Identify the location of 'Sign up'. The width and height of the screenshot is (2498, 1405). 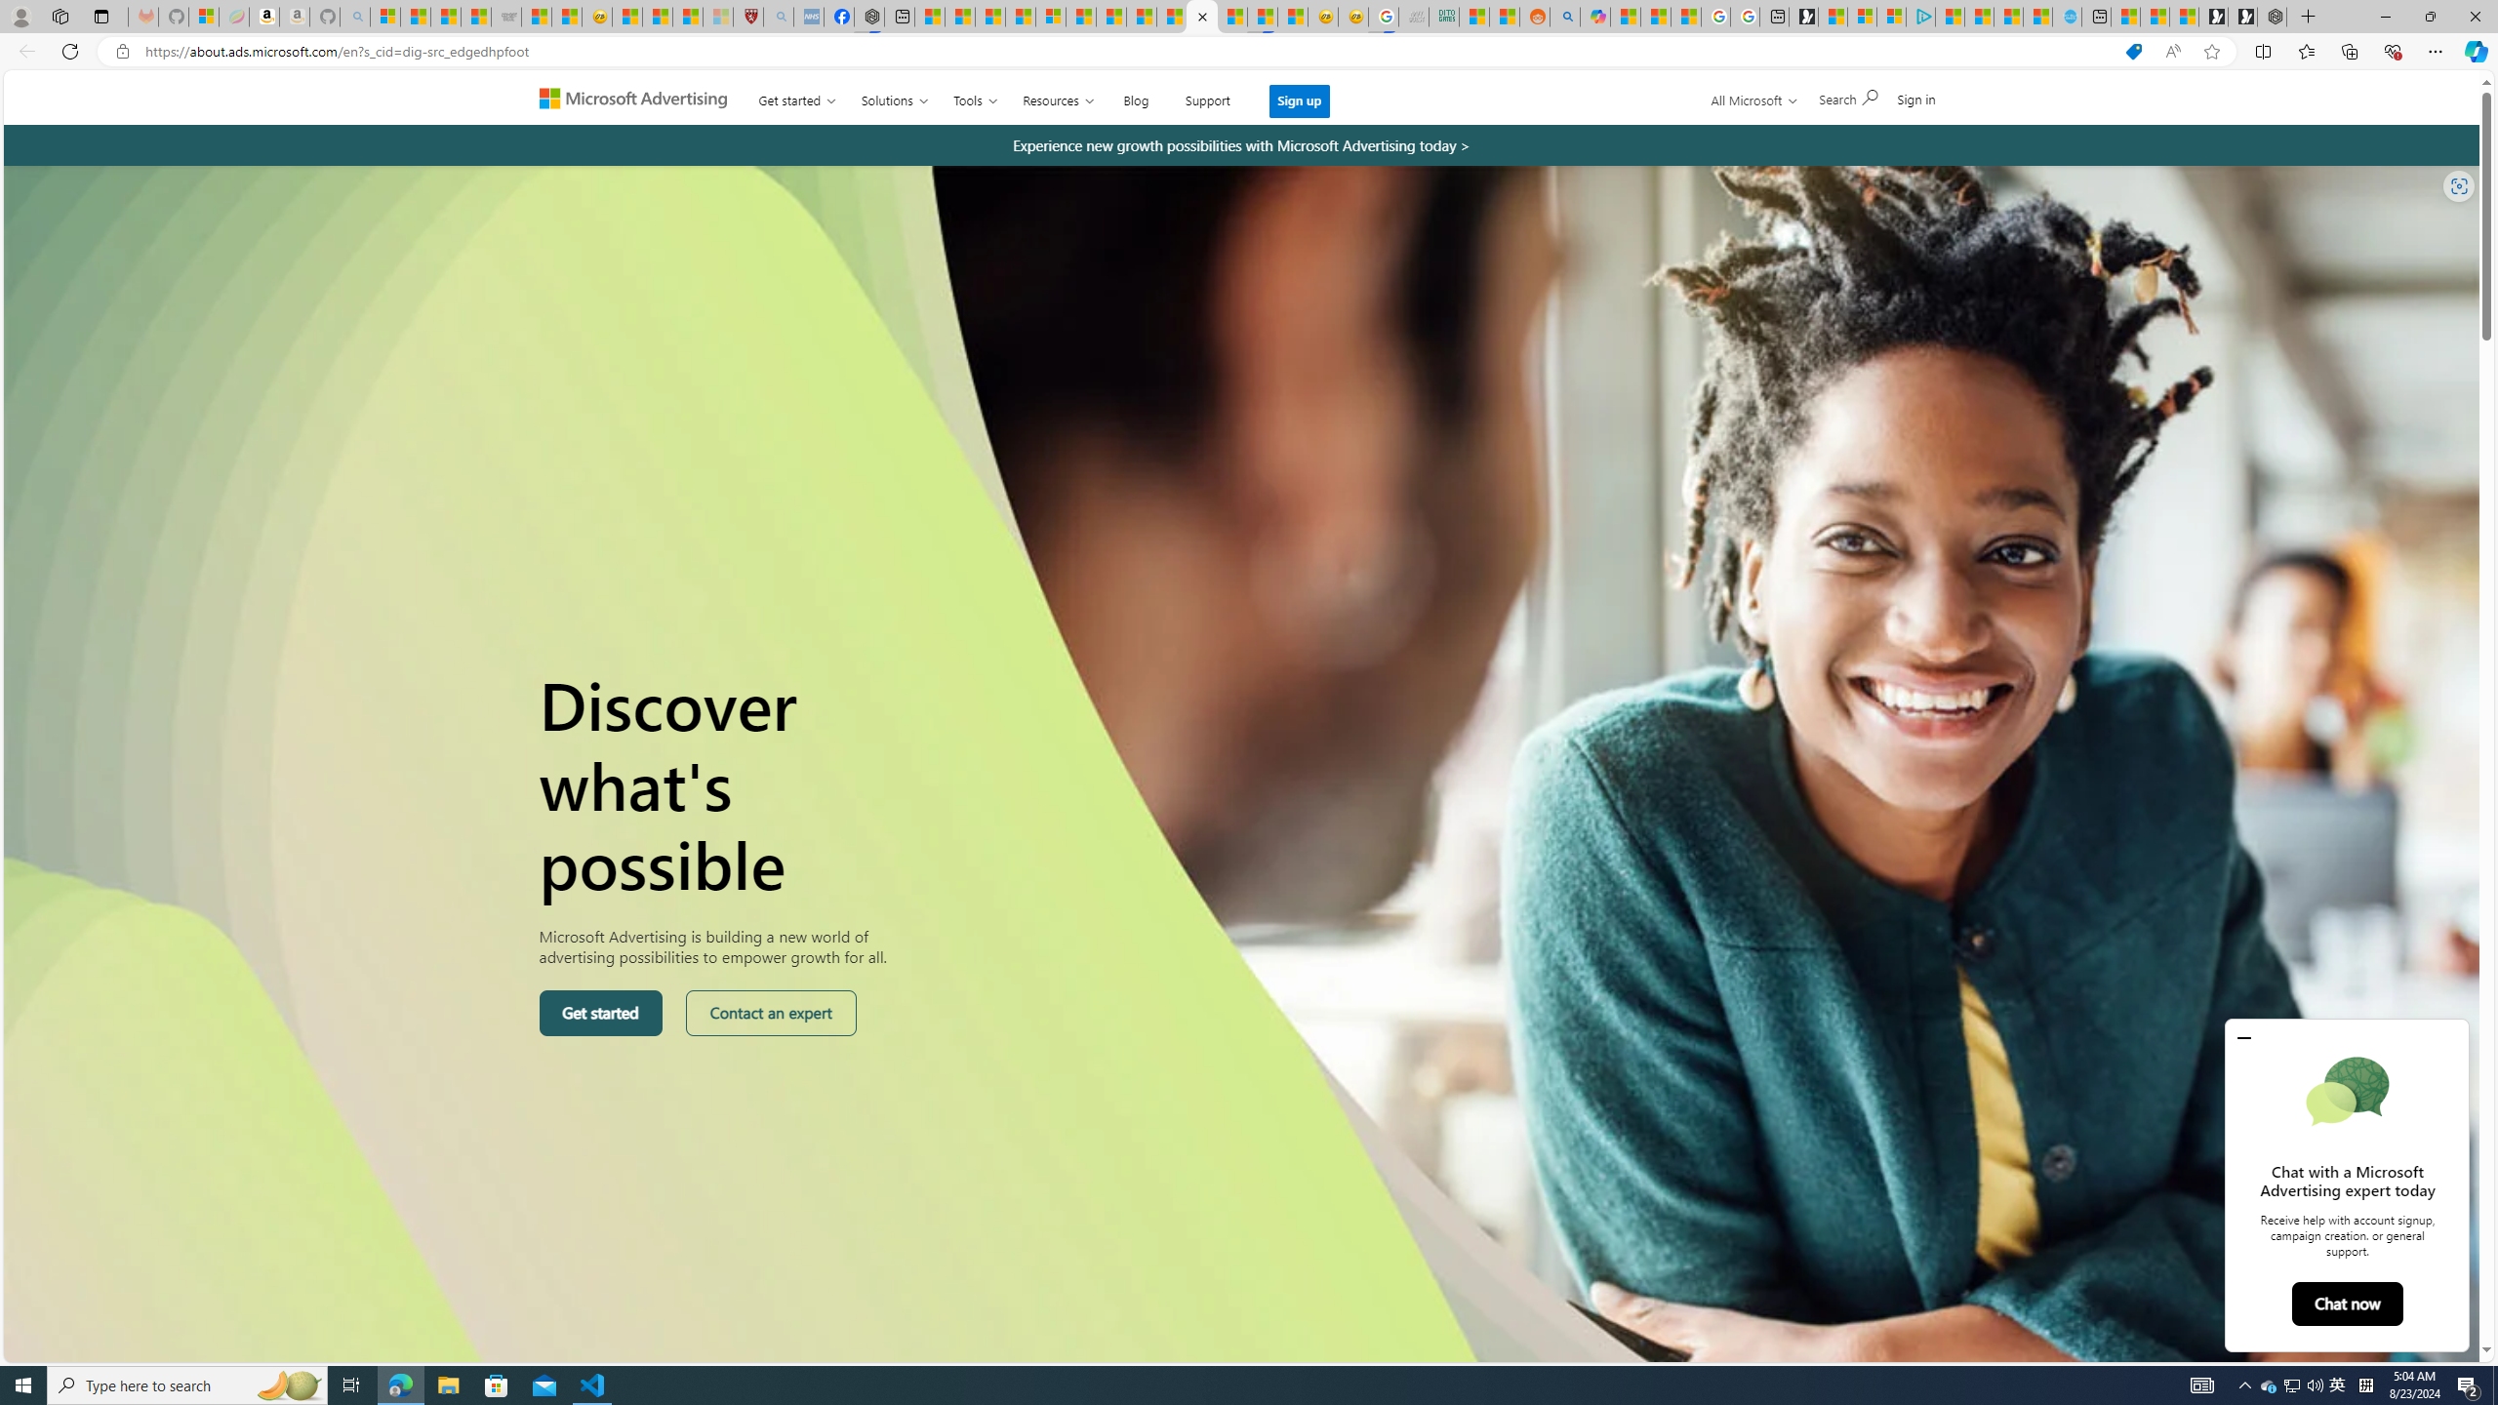
(1300, 100).